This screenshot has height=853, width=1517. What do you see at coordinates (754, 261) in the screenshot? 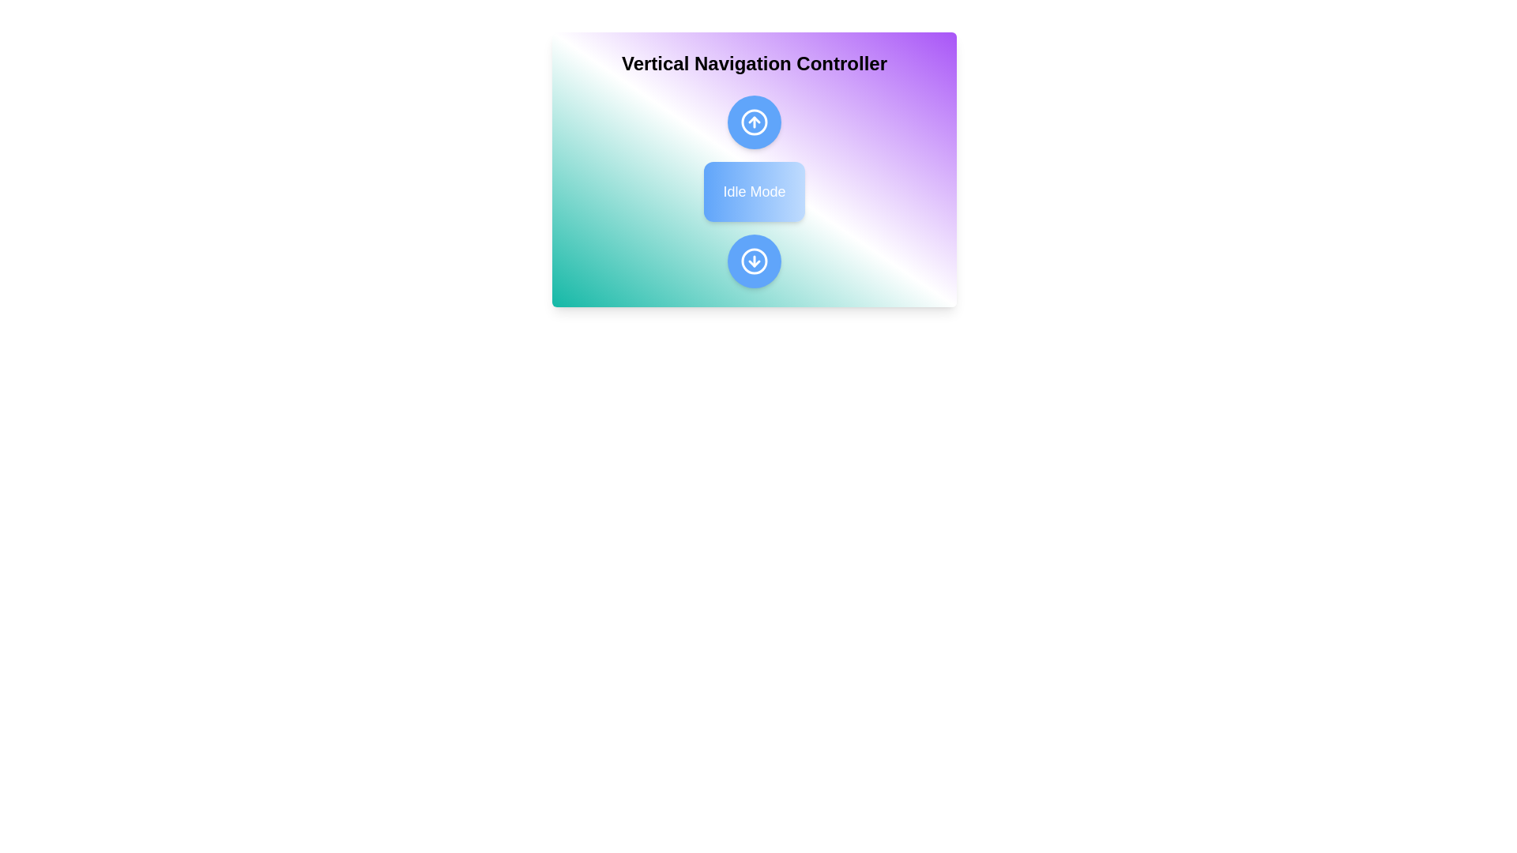
I see `'Down' button on the Vertical Navigation Controller` at bounding box center [754, 261].